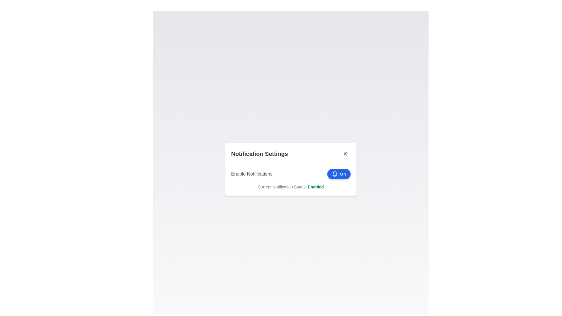 This screenshot has width=562, height=316. I want to click on the text label displaying 'Enabled' which indicates the current notification status, styled in green with bold font, so click(316, 187).